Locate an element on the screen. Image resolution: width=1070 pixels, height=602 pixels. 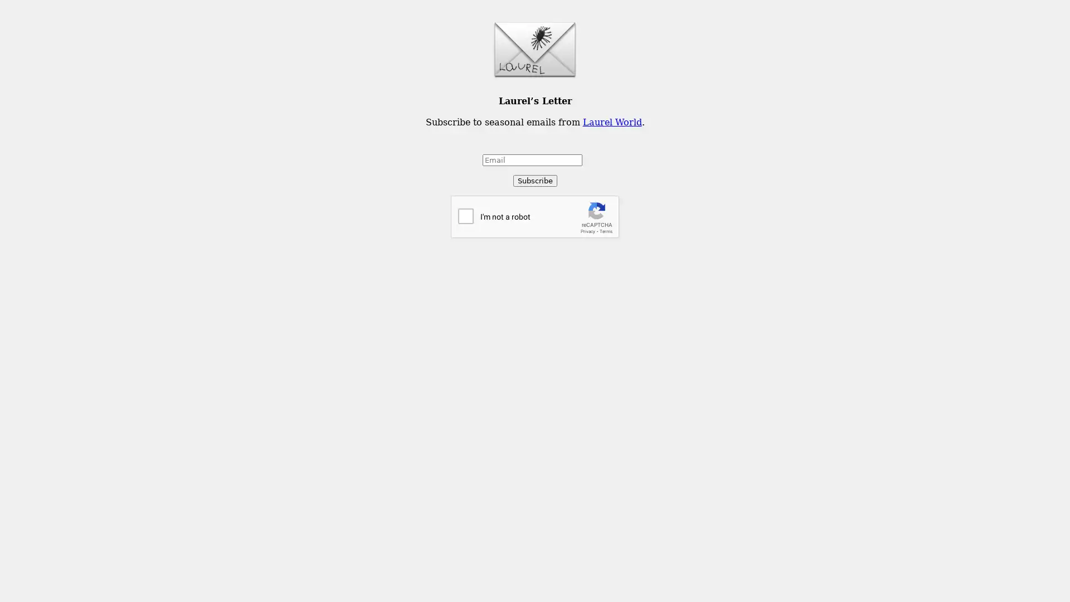
Subscribe is located at coordinates (534, 180).